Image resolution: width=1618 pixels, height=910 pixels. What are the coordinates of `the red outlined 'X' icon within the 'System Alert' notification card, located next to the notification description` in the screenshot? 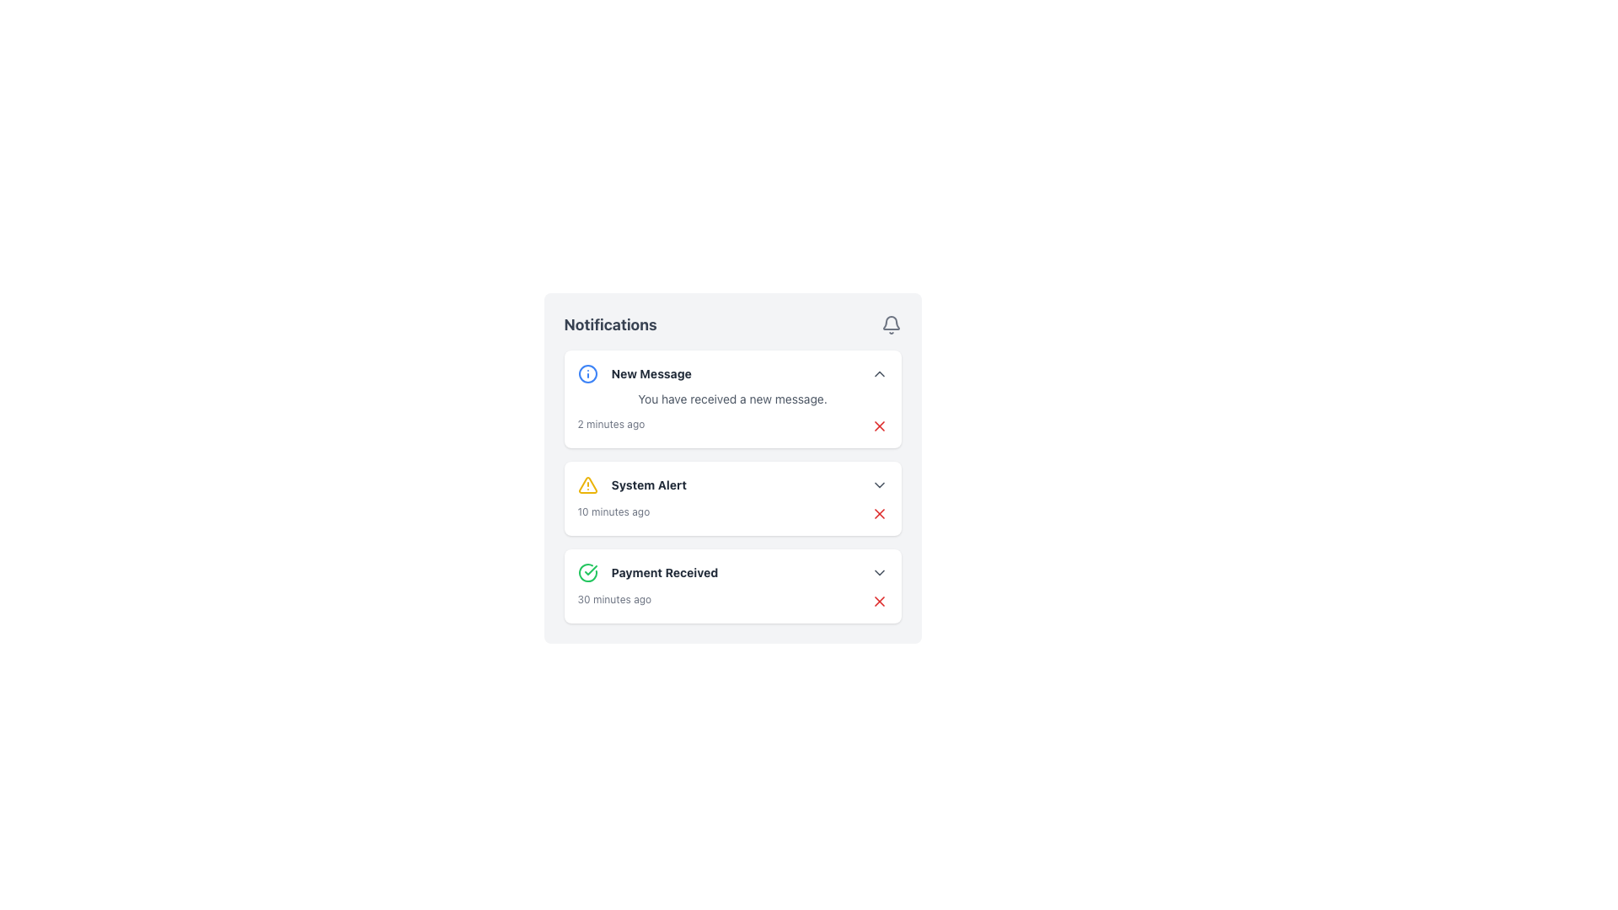 It's located at (878, 600).